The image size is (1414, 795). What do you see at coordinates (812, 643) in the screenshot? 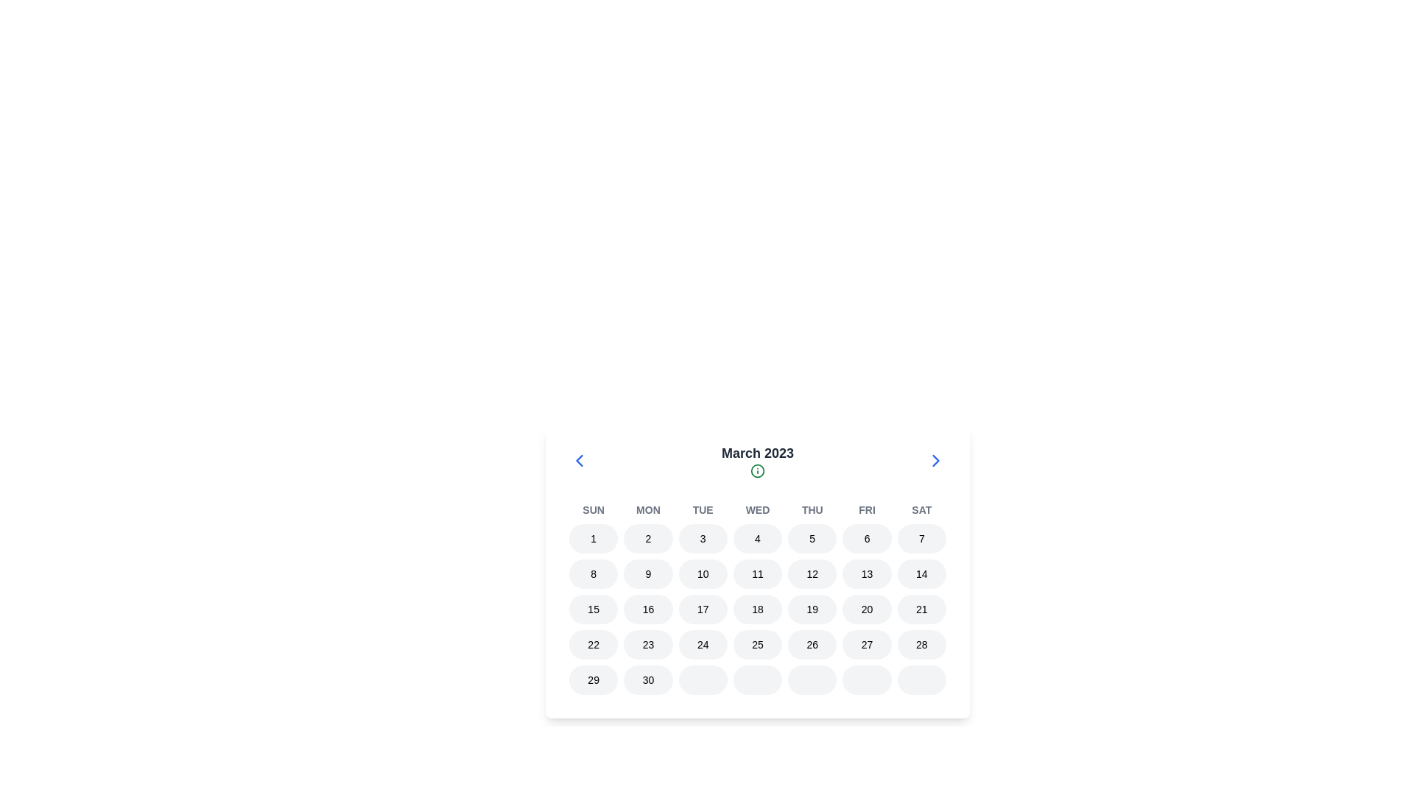
I see `the circular button with a light gray background displaying the number '26' to activate the hover effect` at bounding box center [812, 643].